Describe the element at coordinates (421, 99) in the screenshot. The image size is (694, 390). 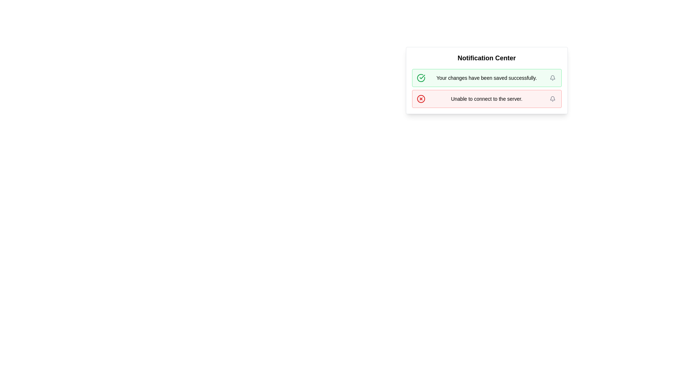
I see `the red circular icon with an 'X' in the notification box indicating 'Unable to connect to the server.'` at that location.